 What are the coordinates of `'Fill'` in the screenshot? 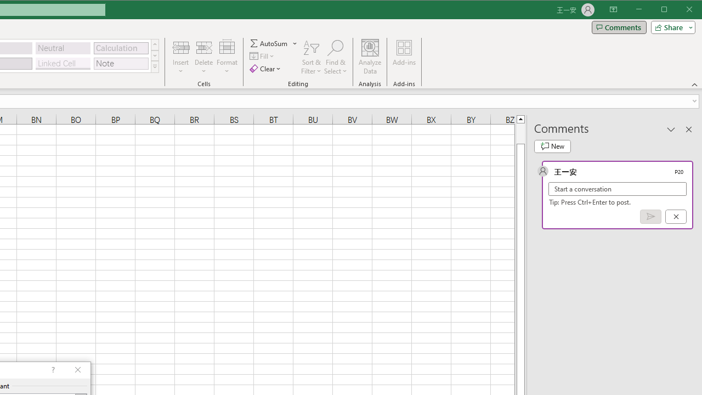 It's located at (262, 56).